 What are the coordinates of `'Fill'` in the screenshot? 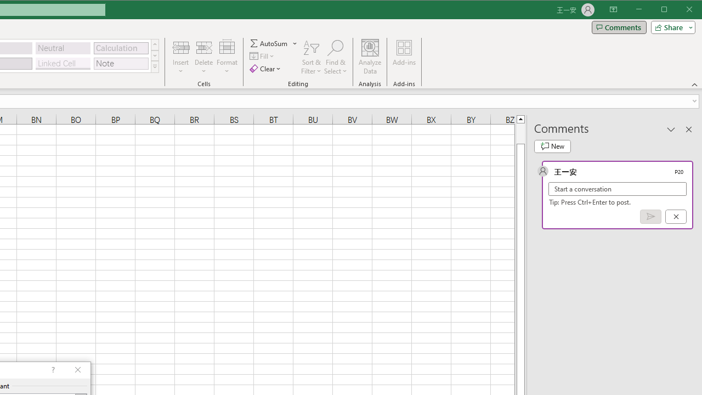 It's located at (262, 56).